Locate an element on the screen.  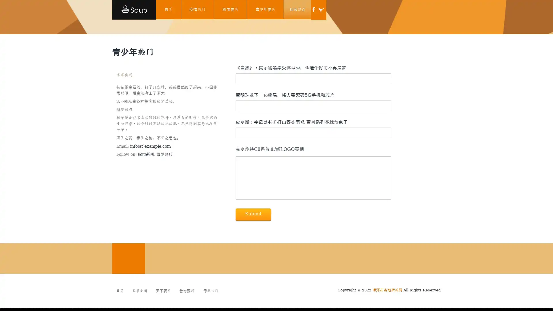
Submit is located at coordinates (253, 214).